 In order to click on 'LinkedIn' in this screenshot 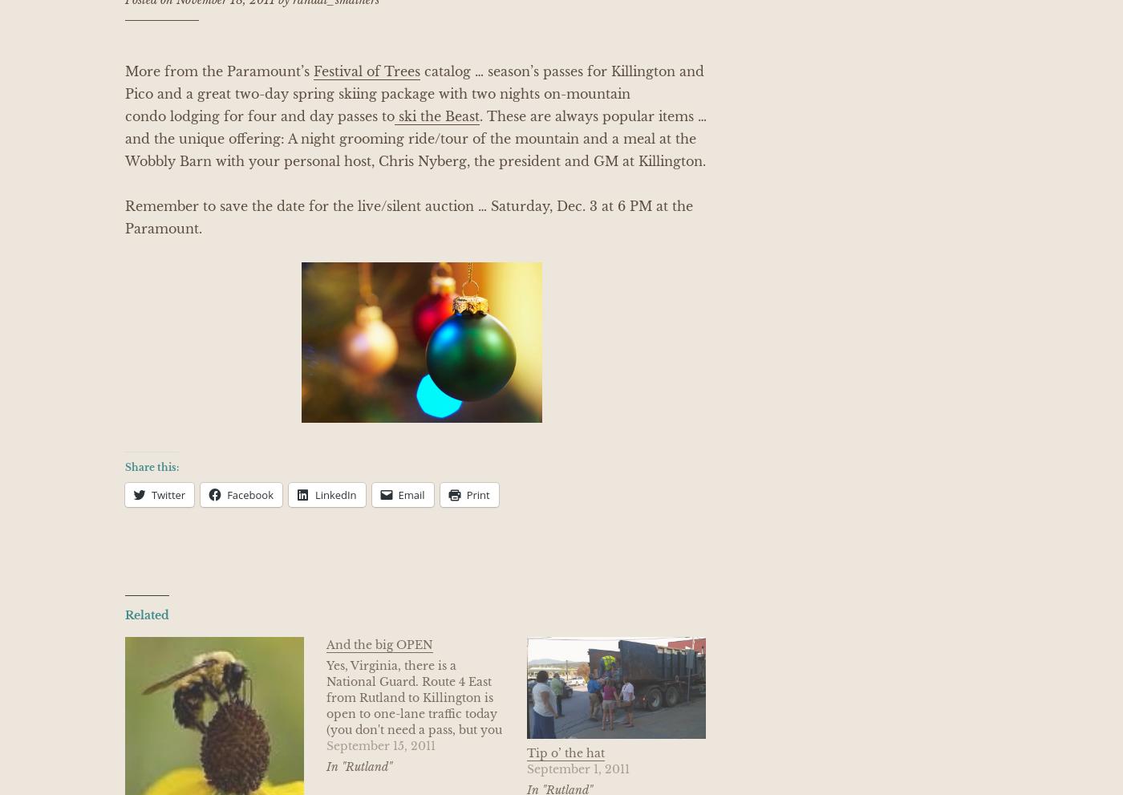, I will do `click(335, 494)`.